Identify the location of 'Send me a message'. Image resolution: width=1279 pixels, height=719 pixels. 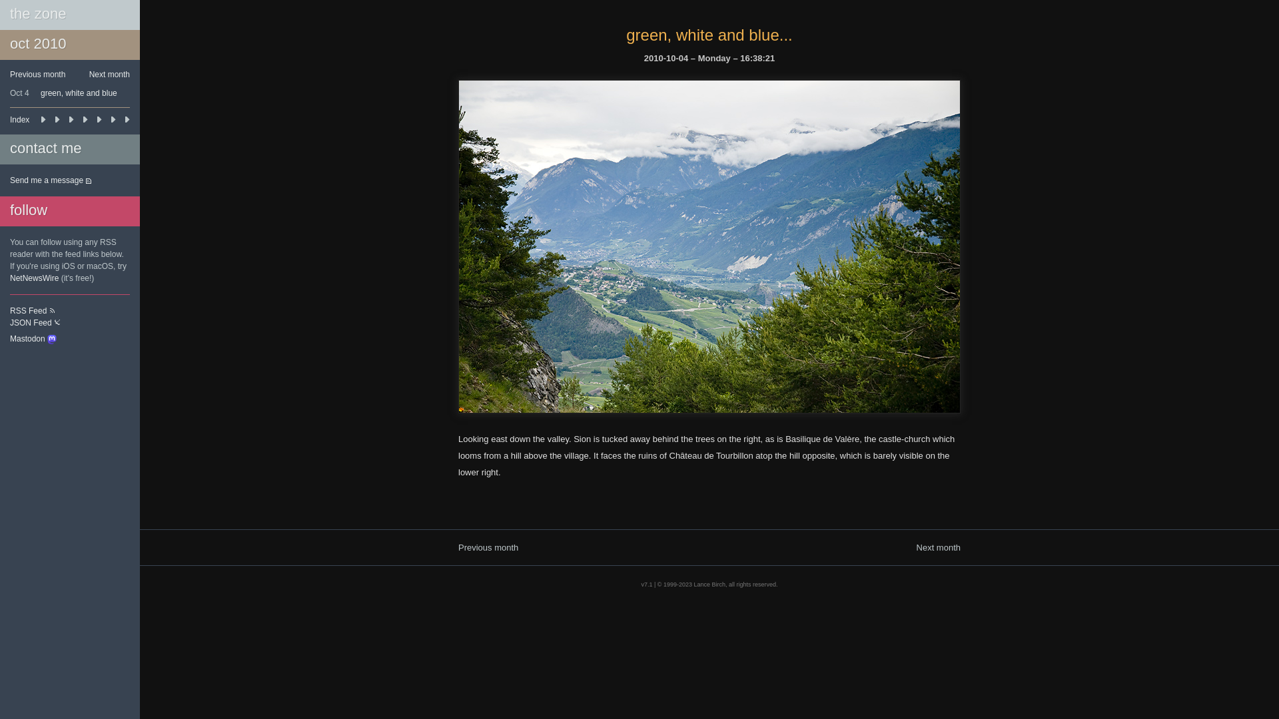
(51, 180).